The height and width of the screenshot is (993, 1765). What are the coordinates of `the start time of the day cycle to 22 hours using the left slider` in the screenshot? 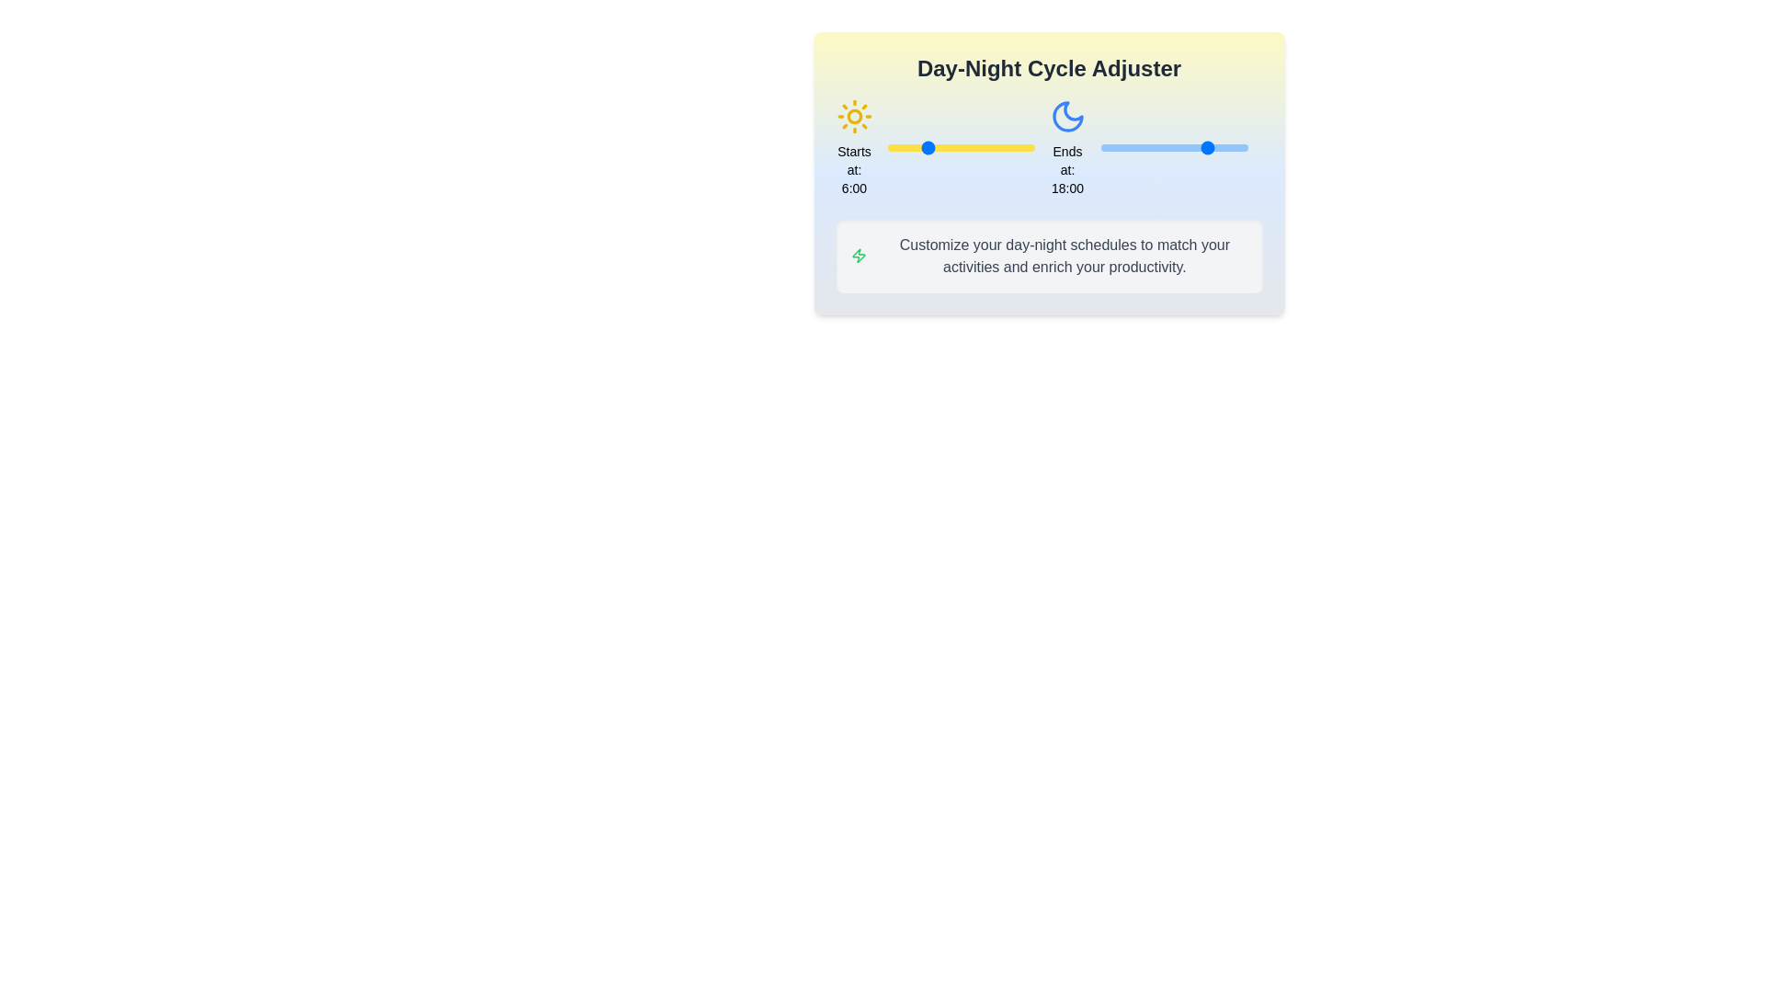 It's located at (1021, 147).